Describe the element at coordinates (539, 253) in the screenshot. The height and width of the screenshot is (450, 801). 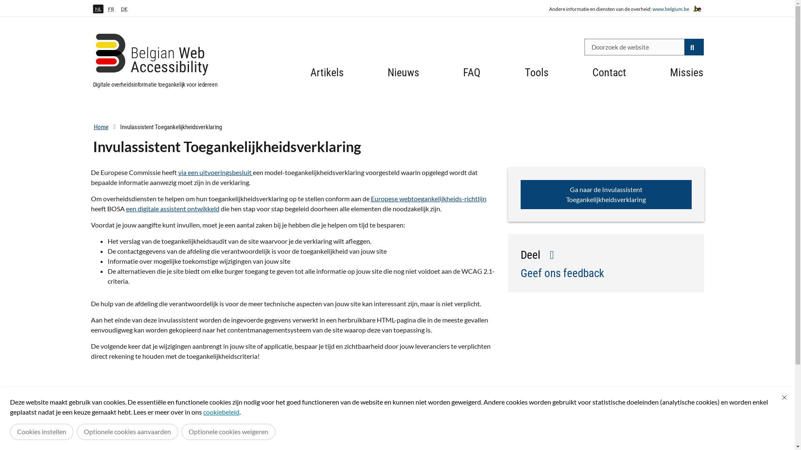
I see `'Deel'` at that location.